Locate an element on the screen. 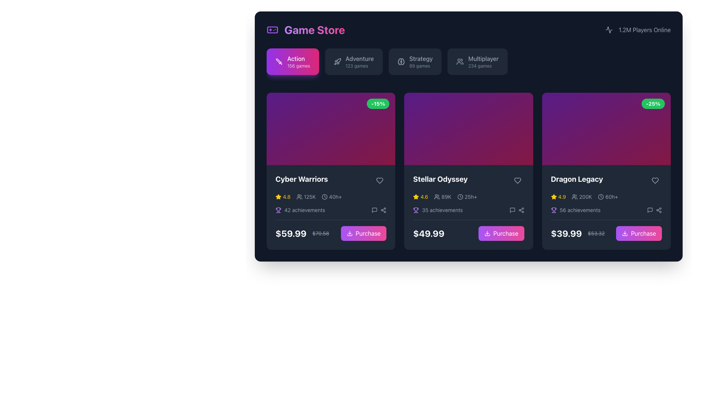 Image resolution: width=710 pixels, height=399 pixels. text label that displays the number of achievements available for the 'Cyber Warriors' game, located beneath the metadata row and to the right of the purple trophy icon is located at coordinates (305, 210).